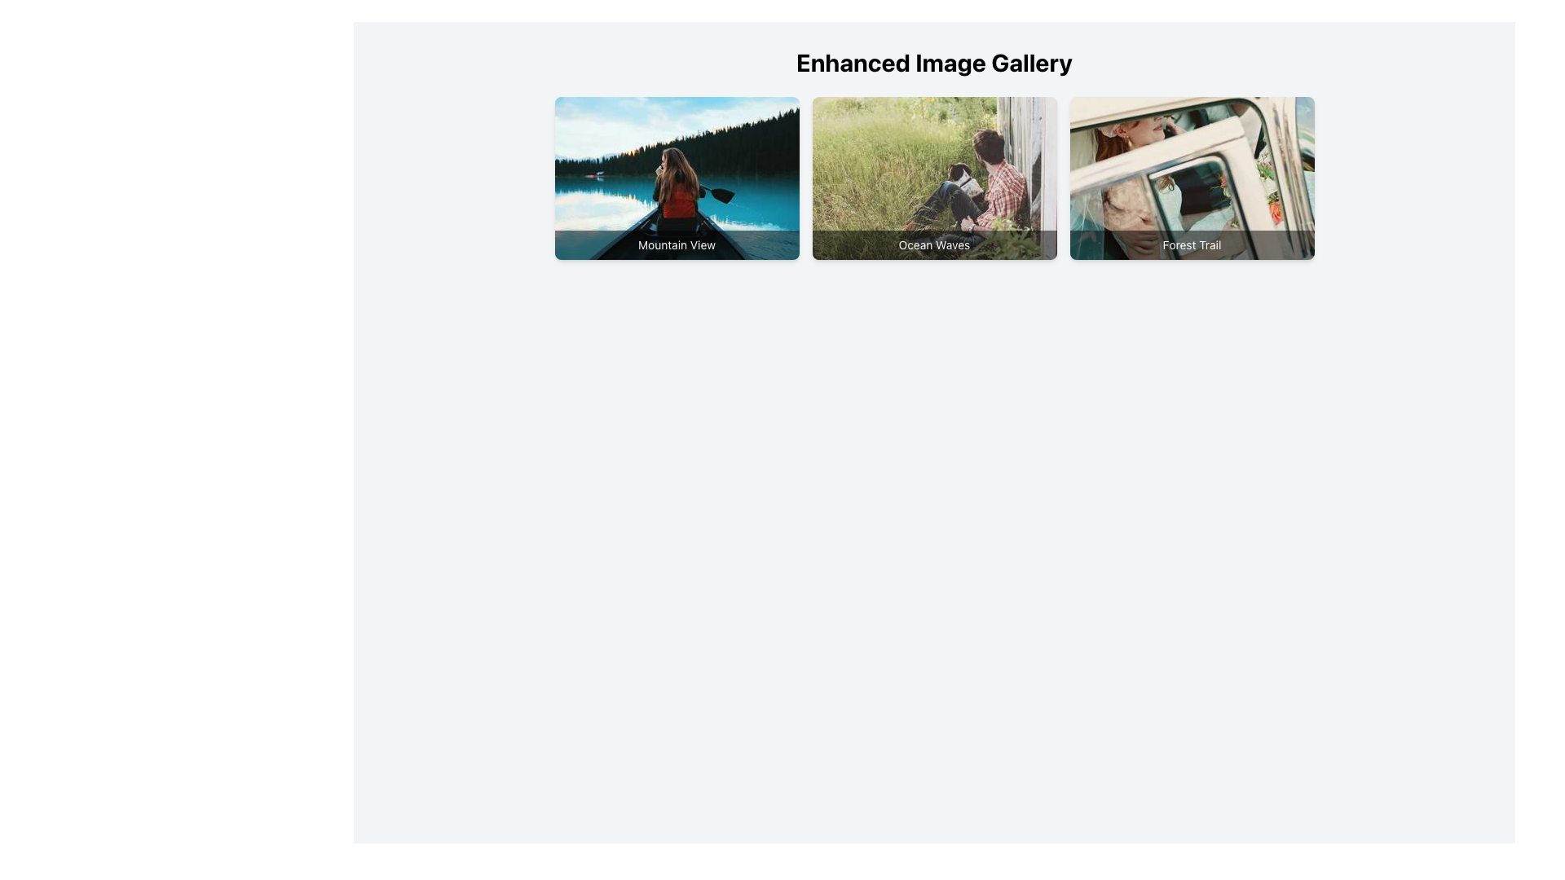  I want to click on the interactive media card labeled 'Mountain View', which is the leftmost card in the Enhanced Image Gallery, so click(677, 178).